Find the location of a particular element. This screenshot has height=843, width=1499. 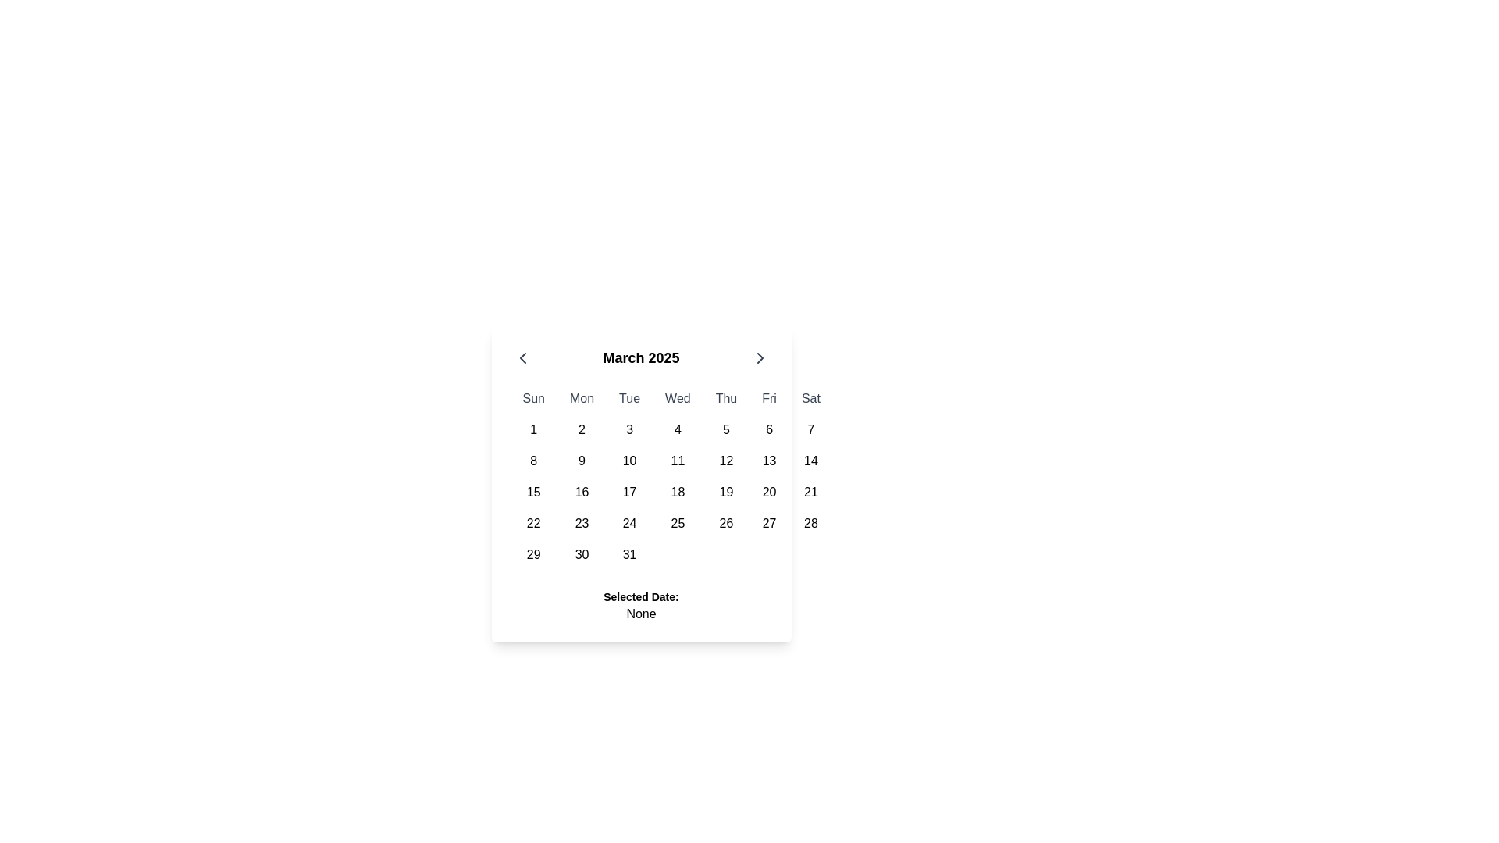

the text label displaying 'March 2025' which is centered in the header area of the calendar component is located at coordinates (641, 358).